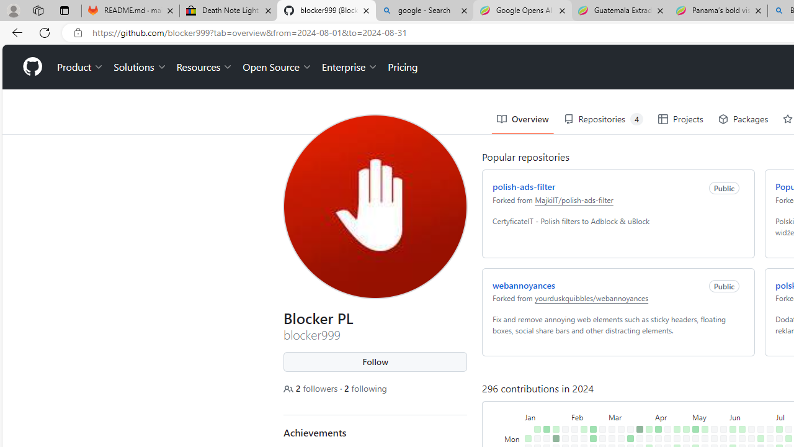  What do you see at coordinates (38, 10) in the screenshot?
I see `'Workspaces'` at bounding box center [38, 10].